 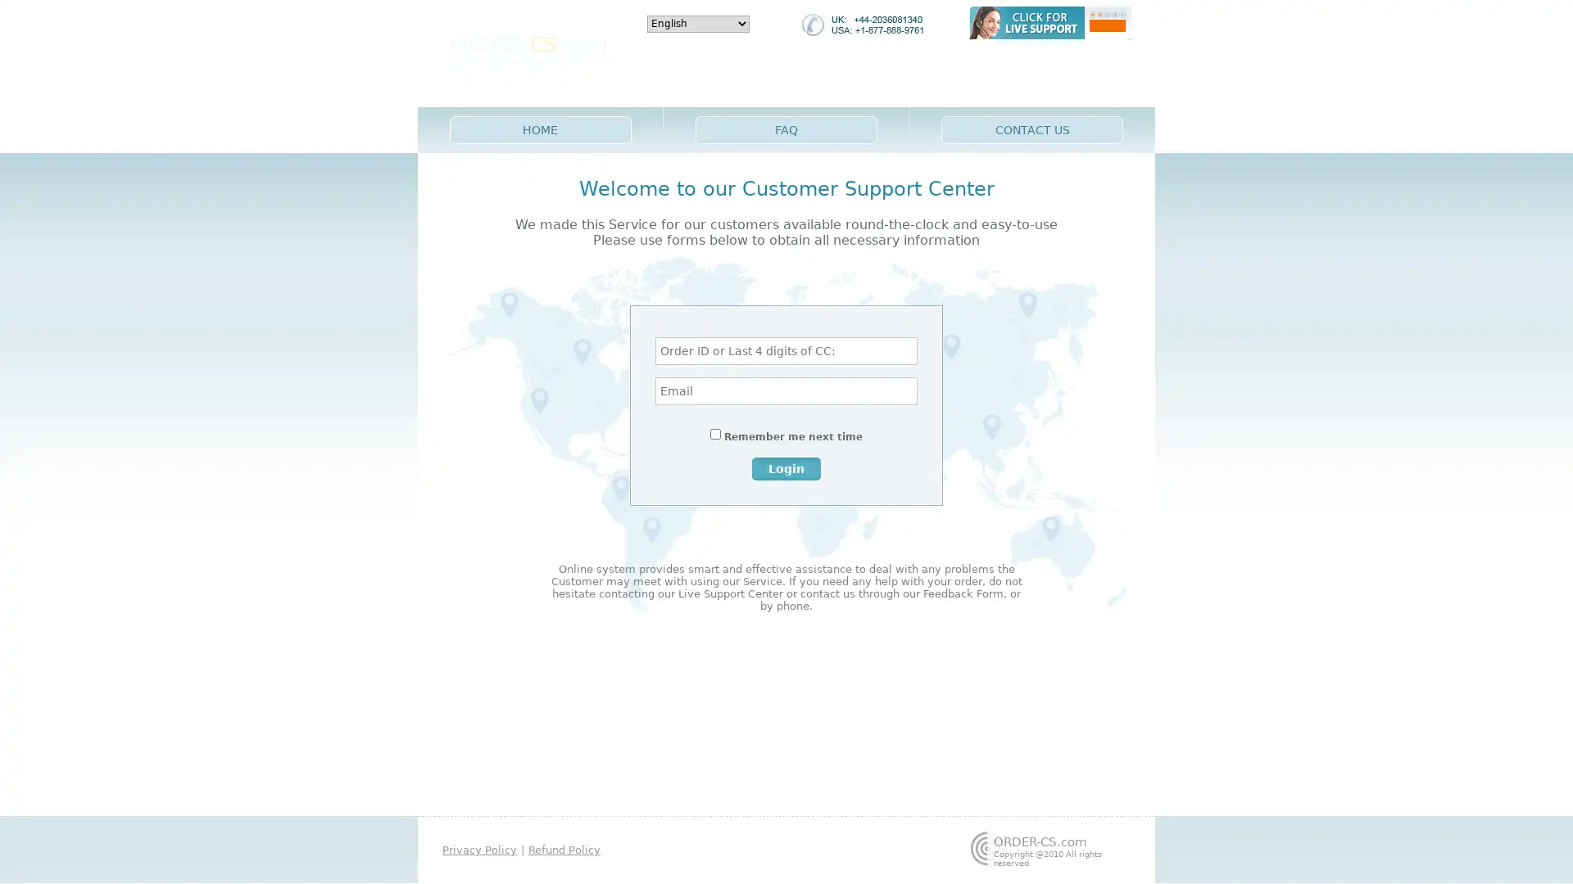 I want to click on Login, so click(x=786, y=467).